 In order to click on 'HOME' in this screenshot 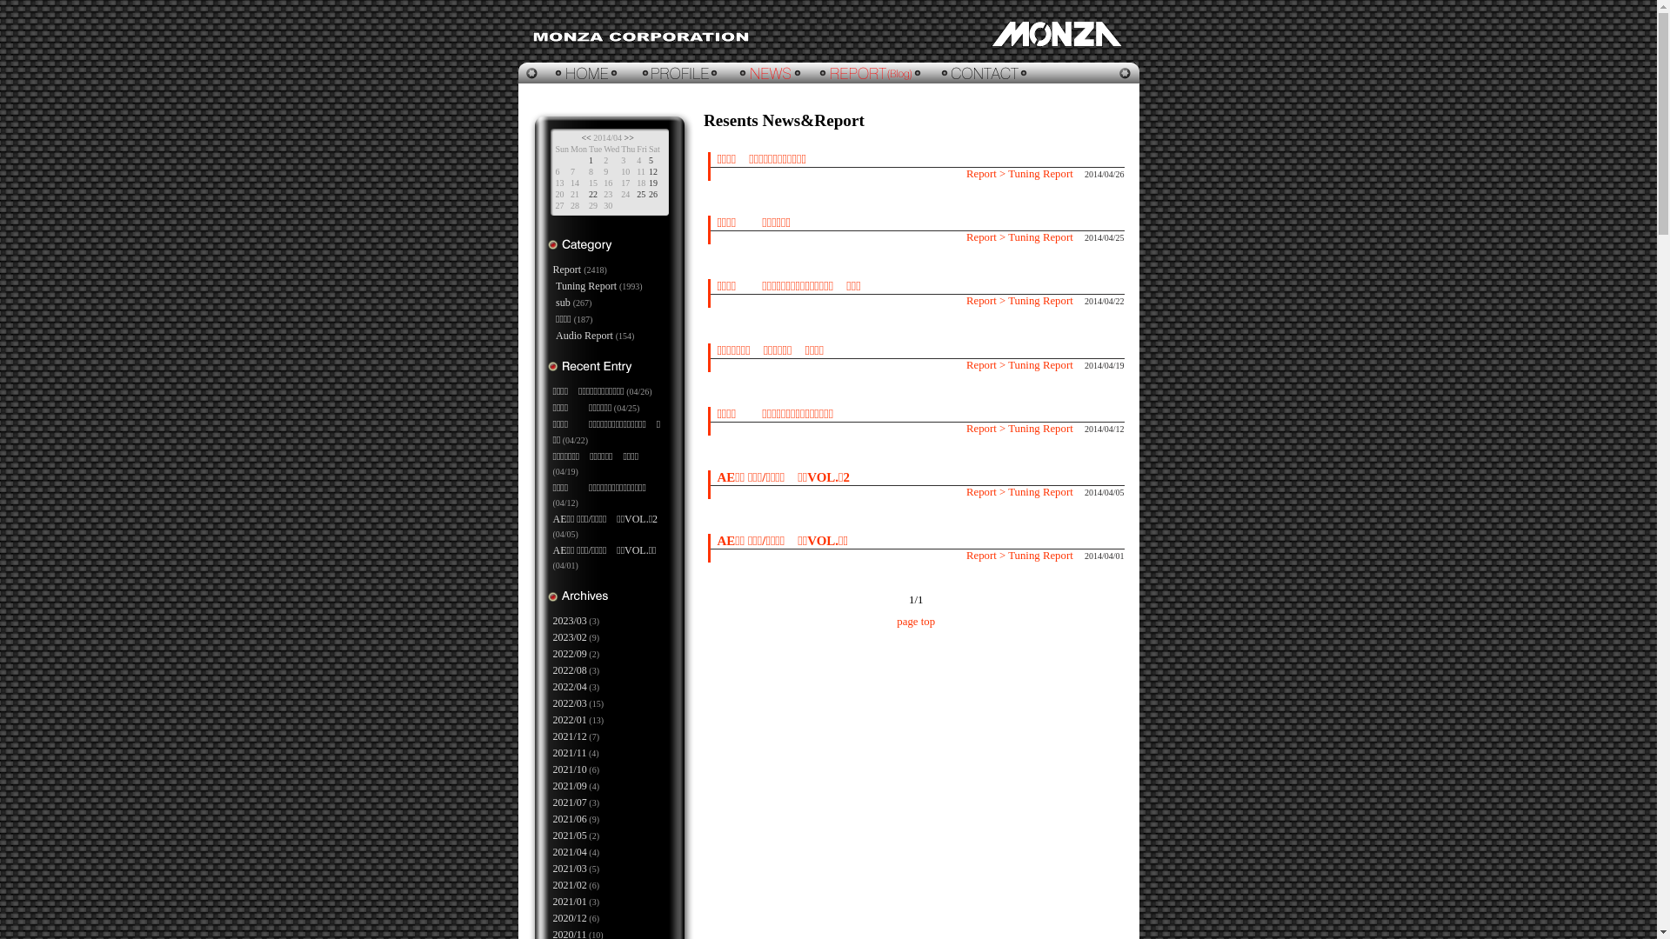, I will do `click(575, 72)`.